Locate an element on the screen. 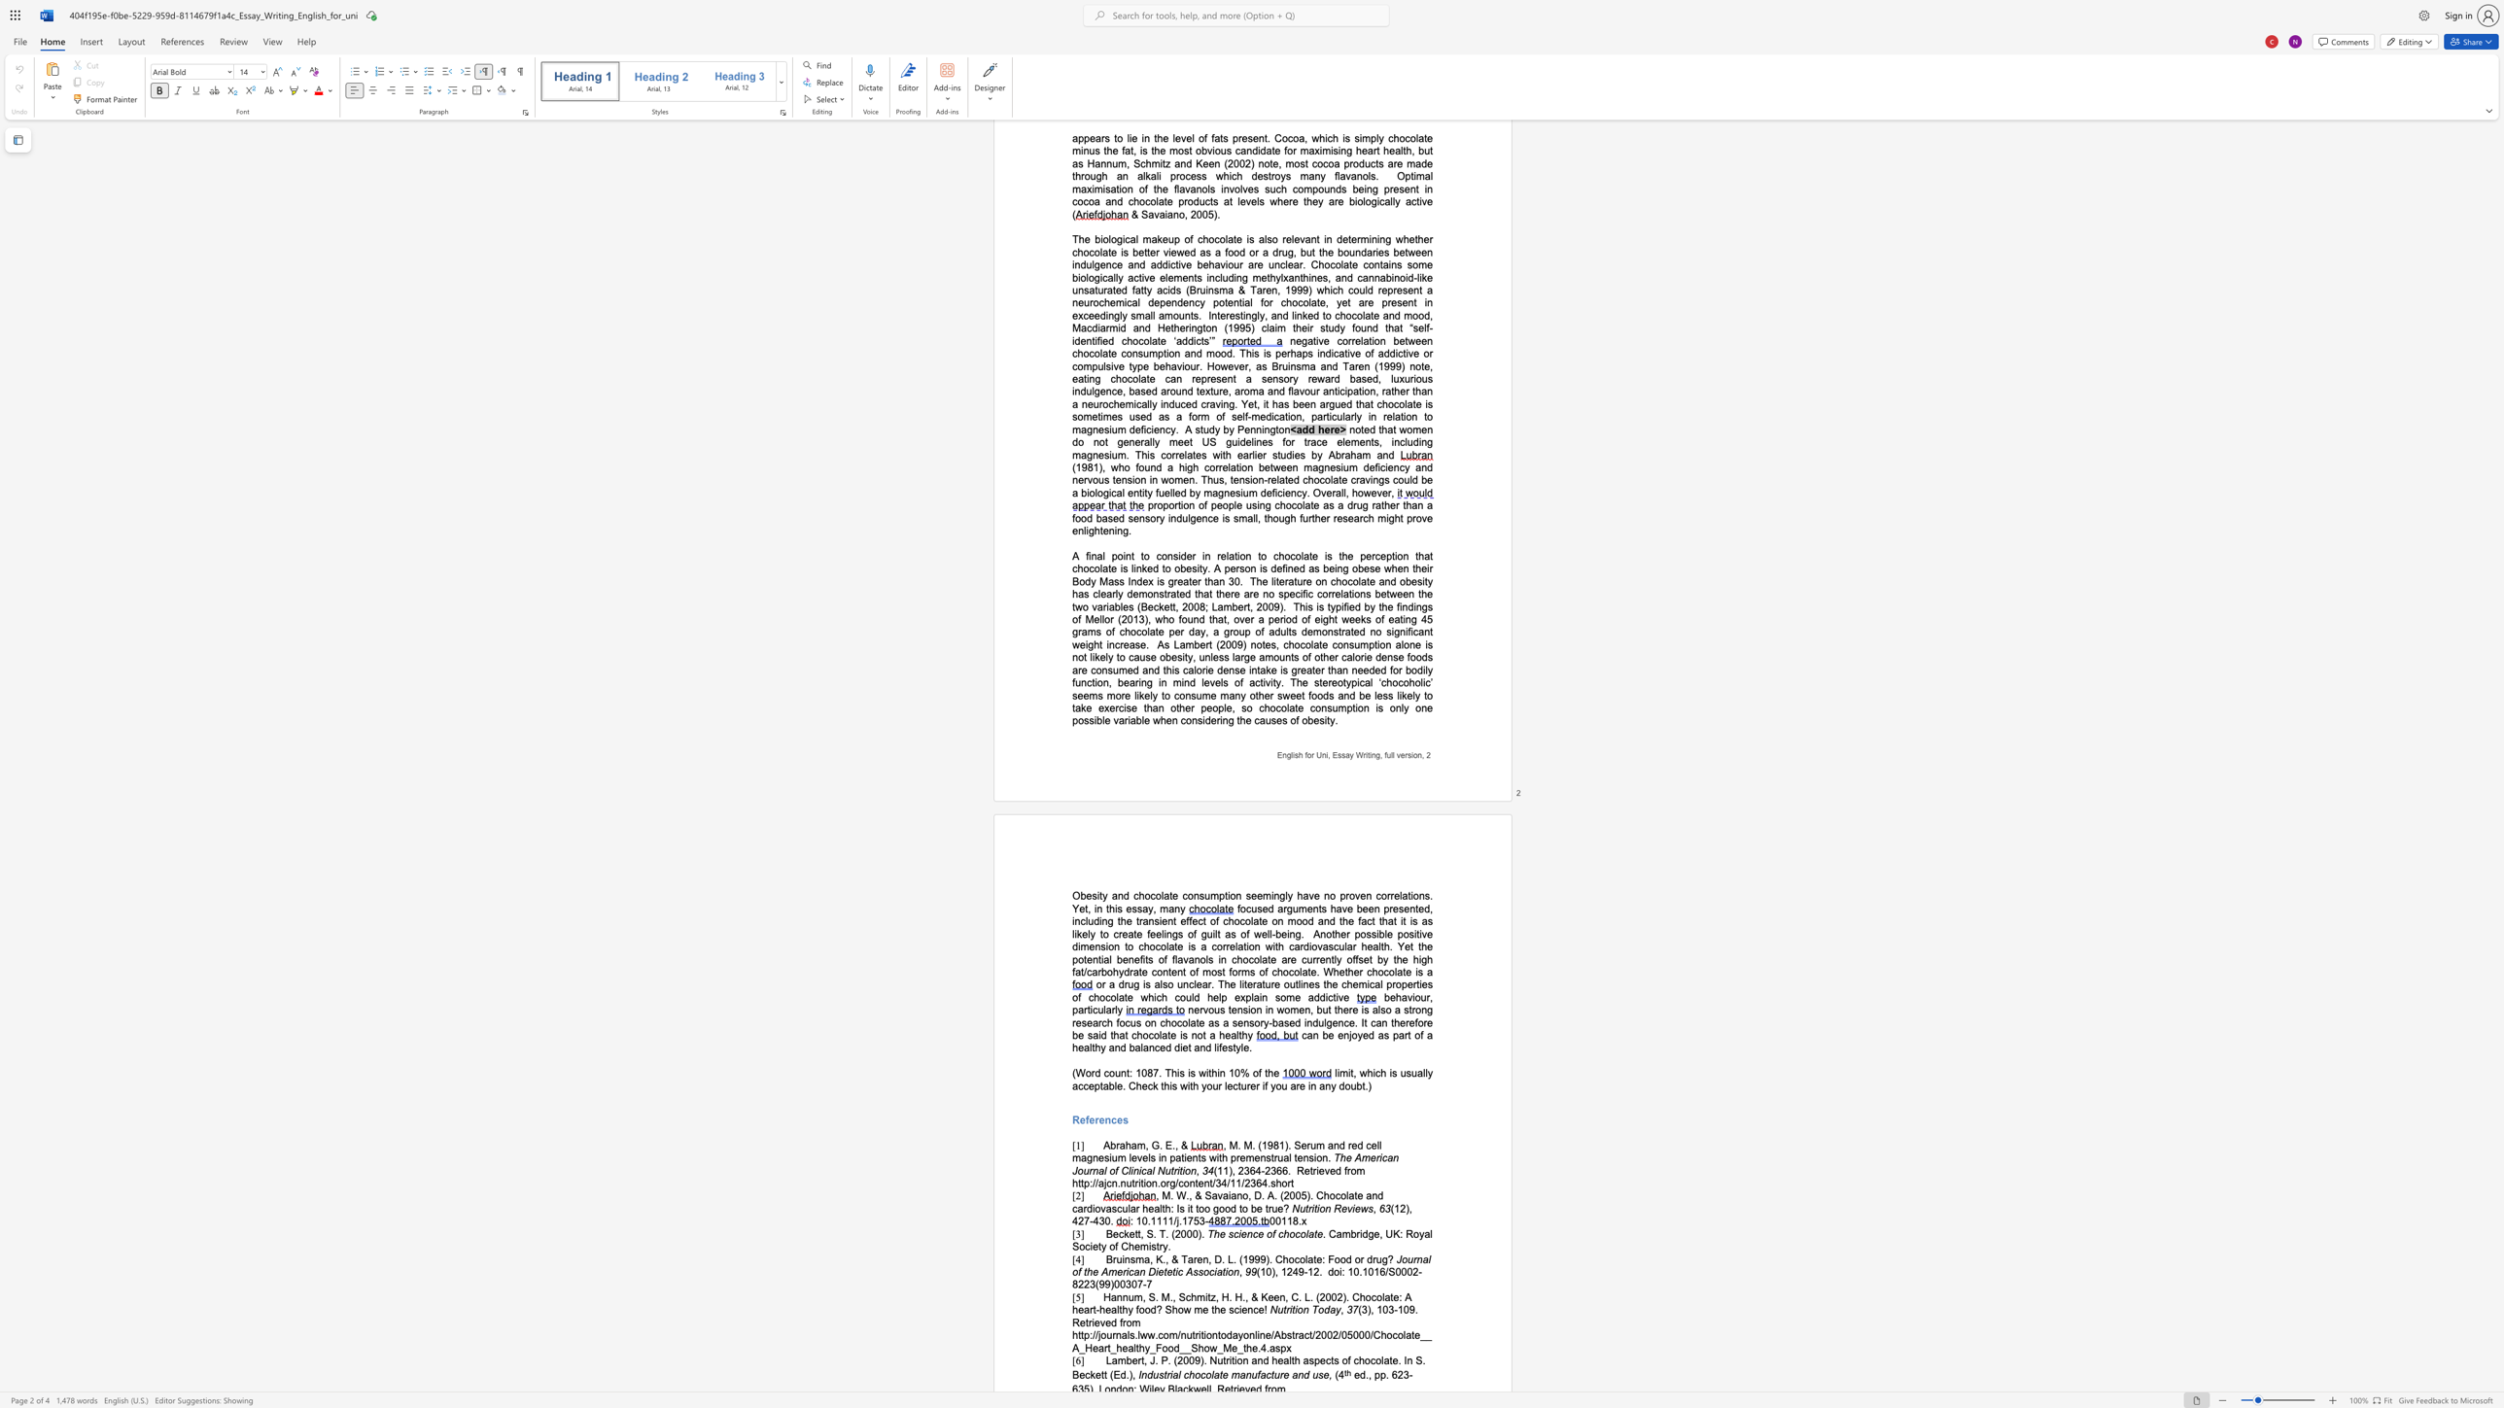  the subset text "ite" within the text "or a drug is also unclear. The literature outlines the chemical properties of chocolate which could help explain some addictive" is located at coordinates (1240, 983).